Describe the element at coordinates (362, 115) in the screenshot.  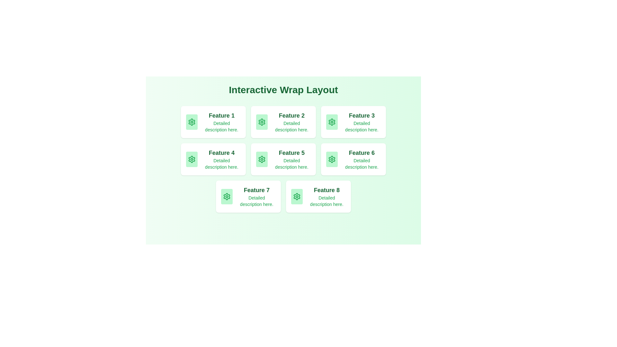
I see `the bold text label displaying 'Feature 3' located in the top-right section of the grid layout` at that location.